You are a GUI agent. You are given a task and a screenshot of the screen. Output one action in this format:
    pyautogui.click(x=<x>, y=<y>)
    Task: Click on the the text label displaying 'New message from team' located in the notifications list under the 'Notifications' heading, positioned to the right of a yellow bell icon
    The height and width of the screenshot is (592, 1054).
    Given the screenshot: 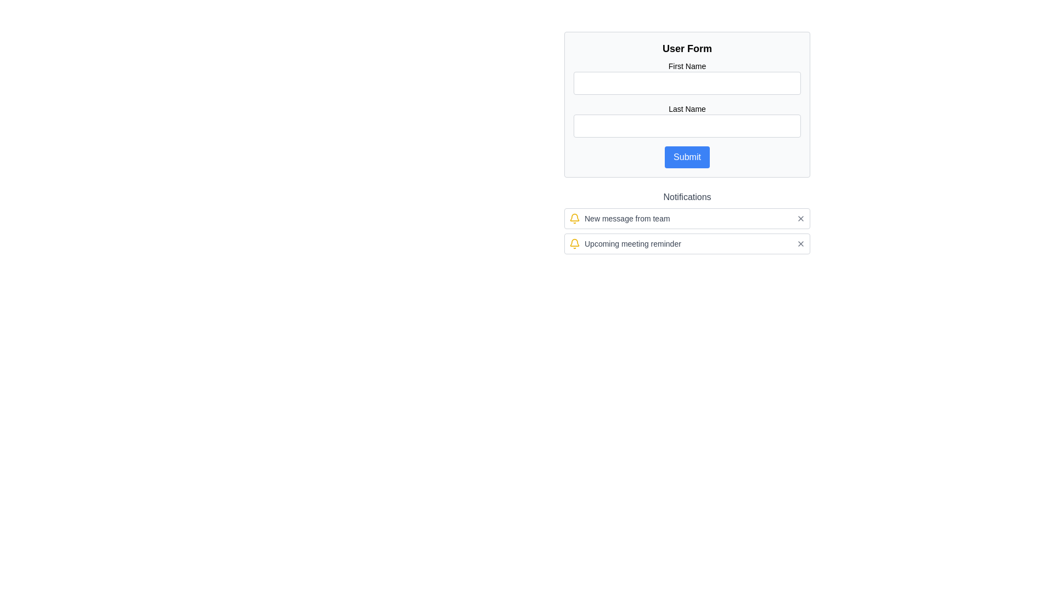 What is the action you would take?
    pyautogui.click(x=627, y=218)
    